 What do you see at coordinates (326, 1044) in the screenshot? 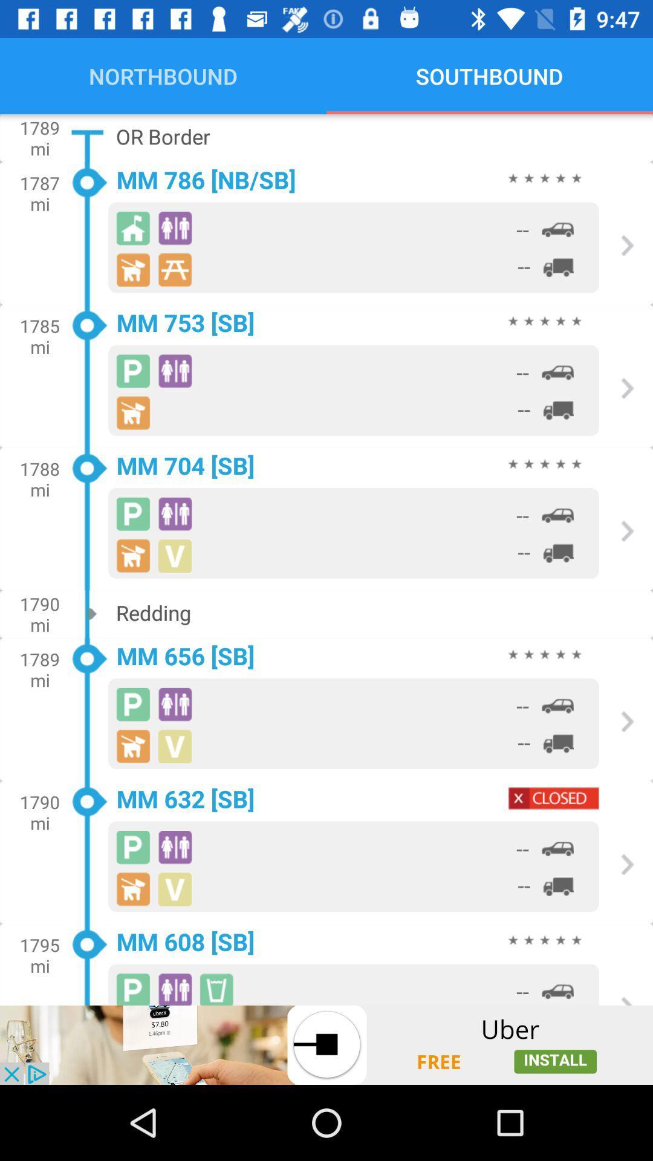
I see `advertisement` at bounding box center [326, 1044].